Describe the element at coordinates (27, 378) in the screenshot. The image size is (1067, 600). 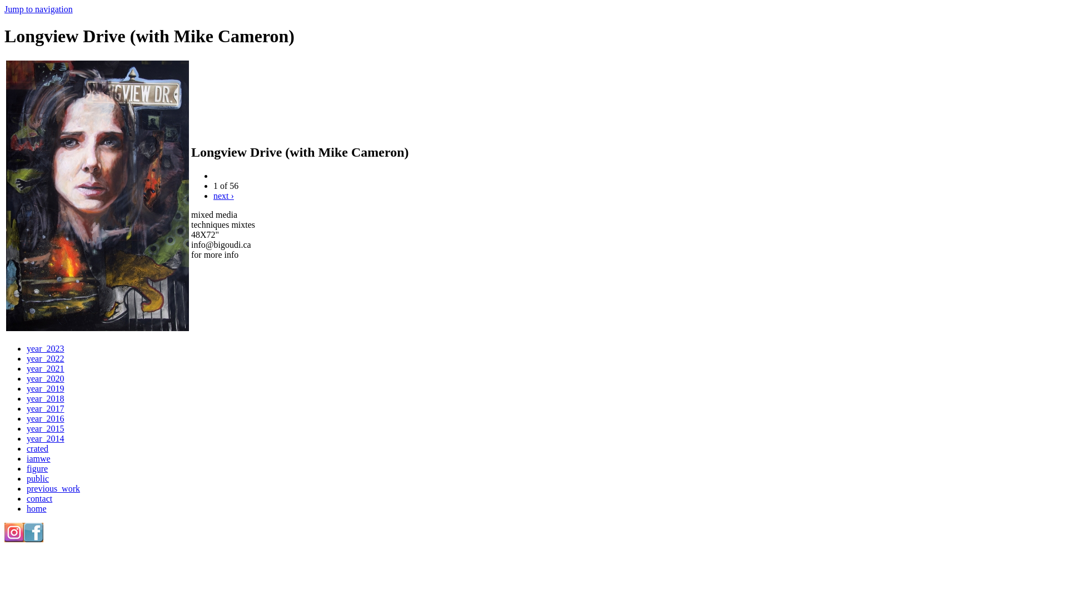
I see `'year_2020'` at that location.